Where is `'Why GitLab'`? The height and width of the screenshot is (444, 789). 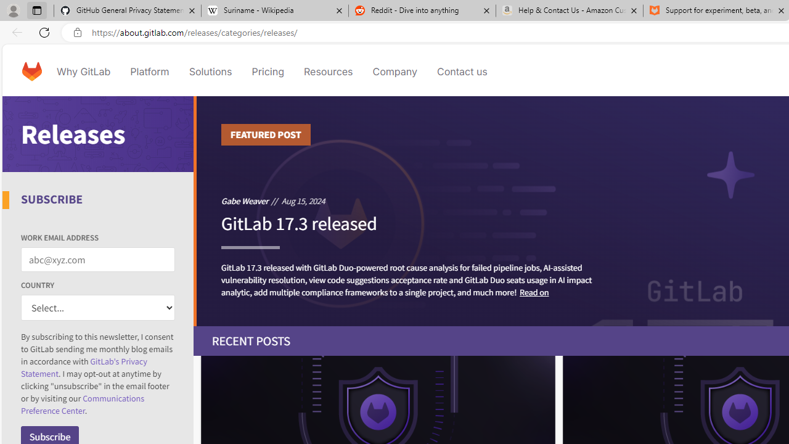
'Why GitLab' is located at coordinates (83, 71).